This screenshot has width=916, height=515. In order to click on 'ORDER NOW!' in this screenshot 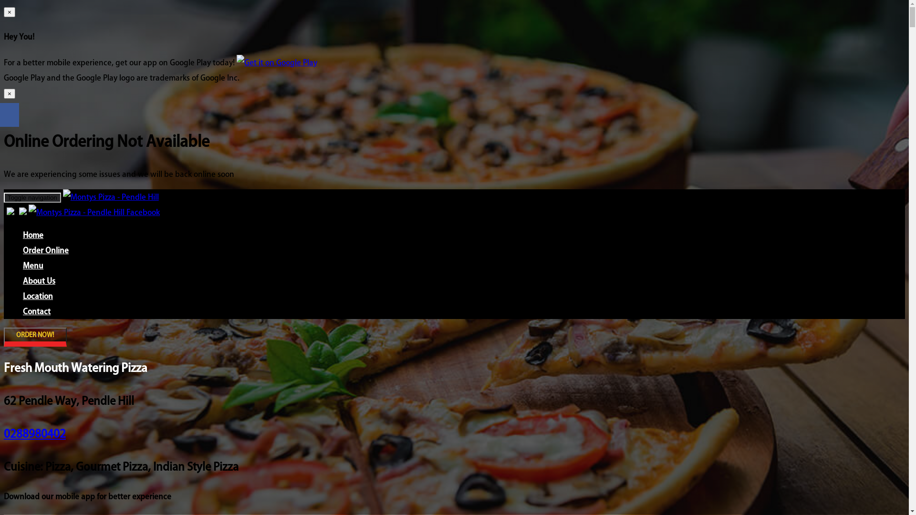, I will do `click(35, 336)`.